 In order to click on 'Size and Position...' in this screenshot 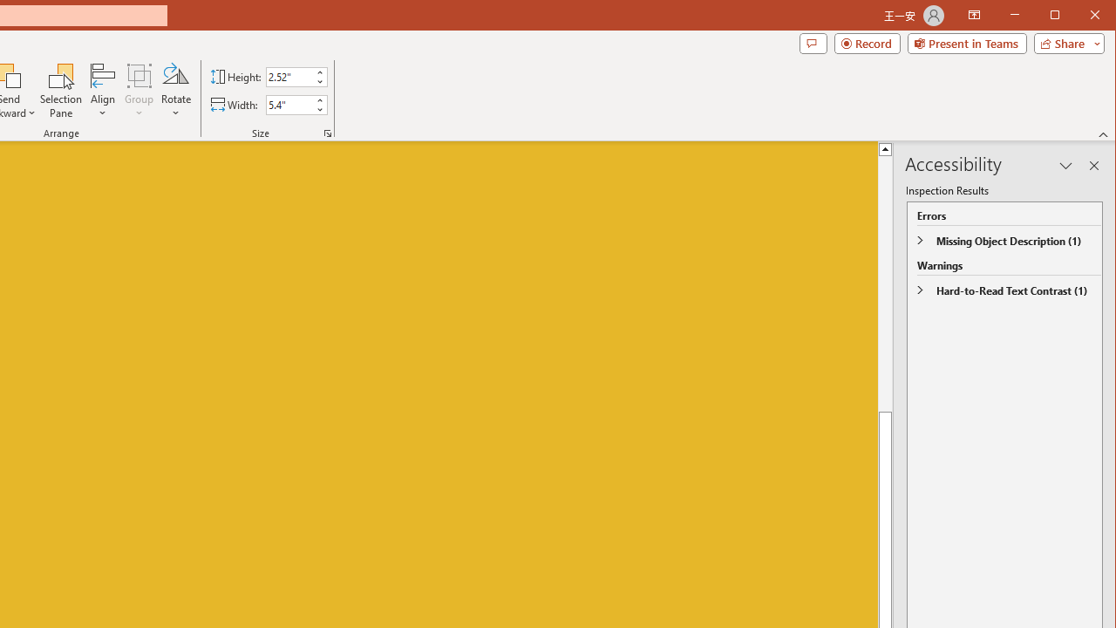, I will do `click(328, 133)`.